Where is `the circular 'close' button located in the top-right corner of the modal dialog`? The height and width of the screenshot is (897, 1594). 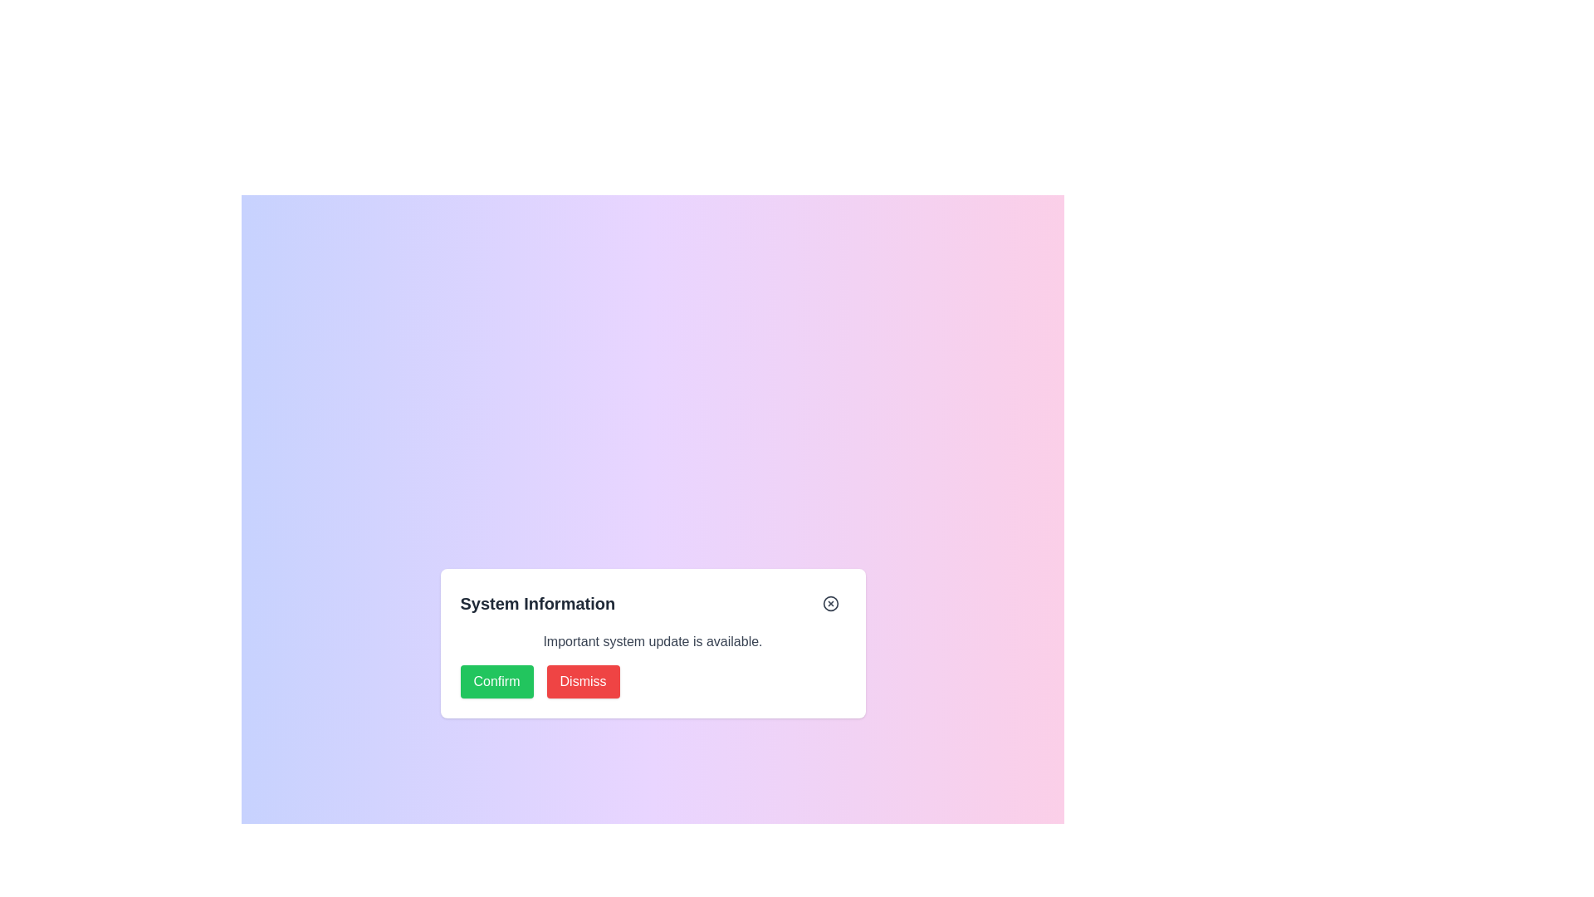
the circular 'close' button located in the top-right corner of the modal dialog is located at coordinates (830, 603).